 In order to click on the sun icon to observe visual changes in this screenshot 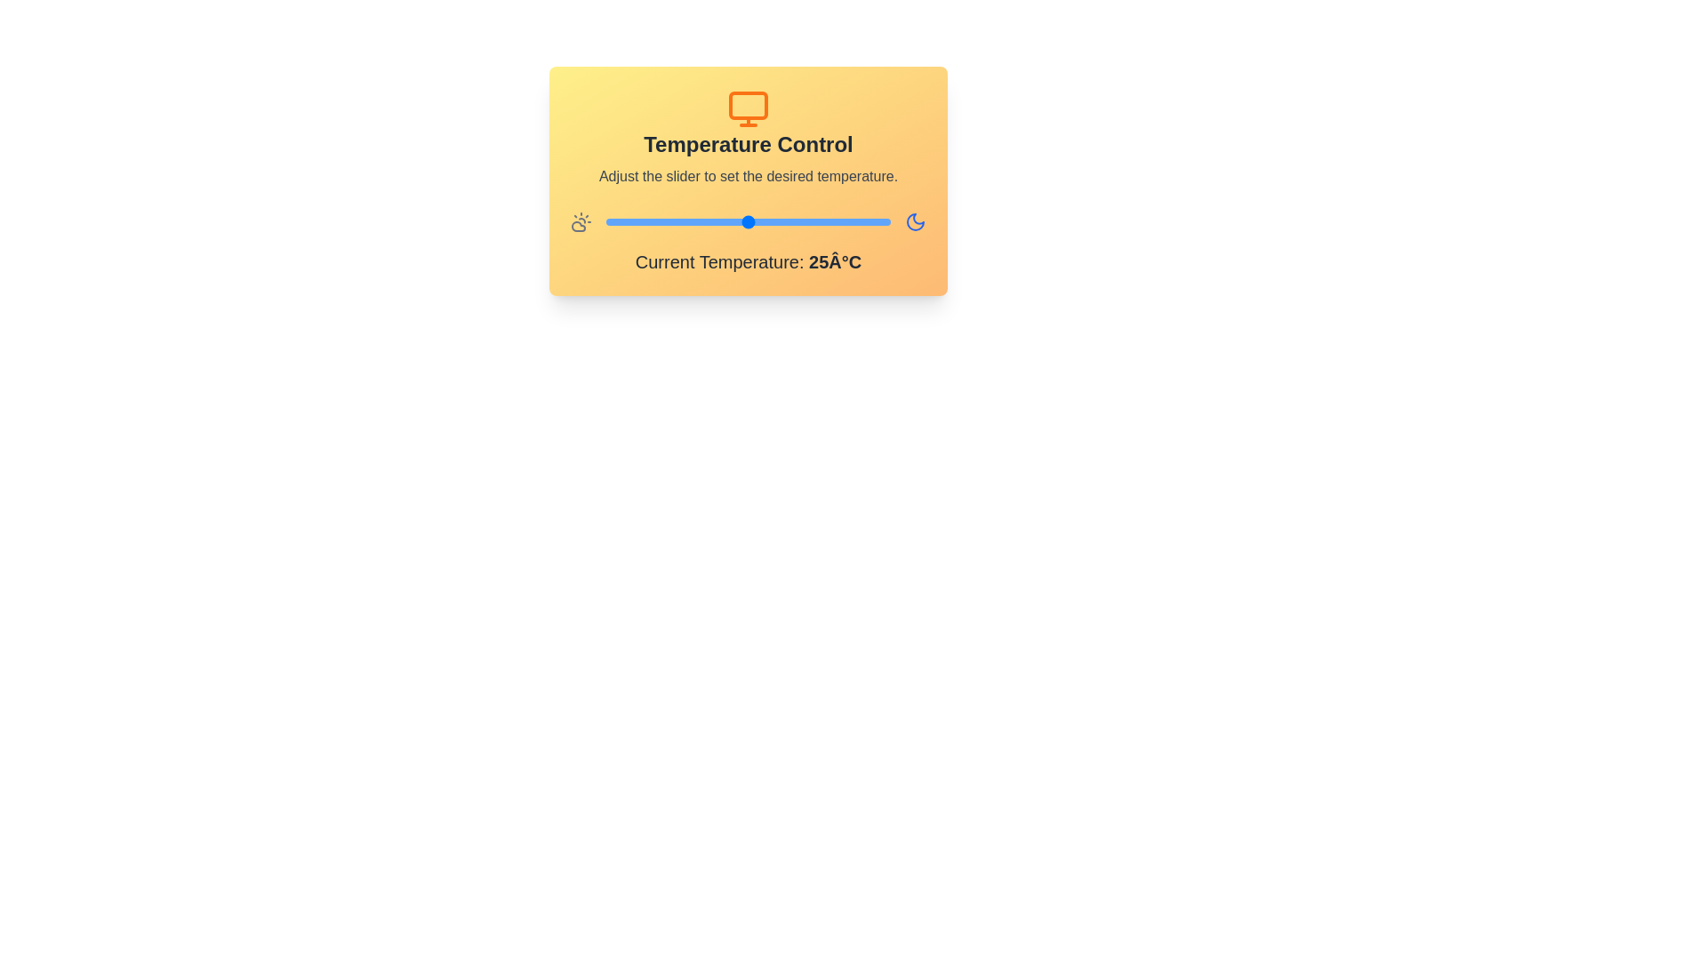, I will do `click(581, 221)`.